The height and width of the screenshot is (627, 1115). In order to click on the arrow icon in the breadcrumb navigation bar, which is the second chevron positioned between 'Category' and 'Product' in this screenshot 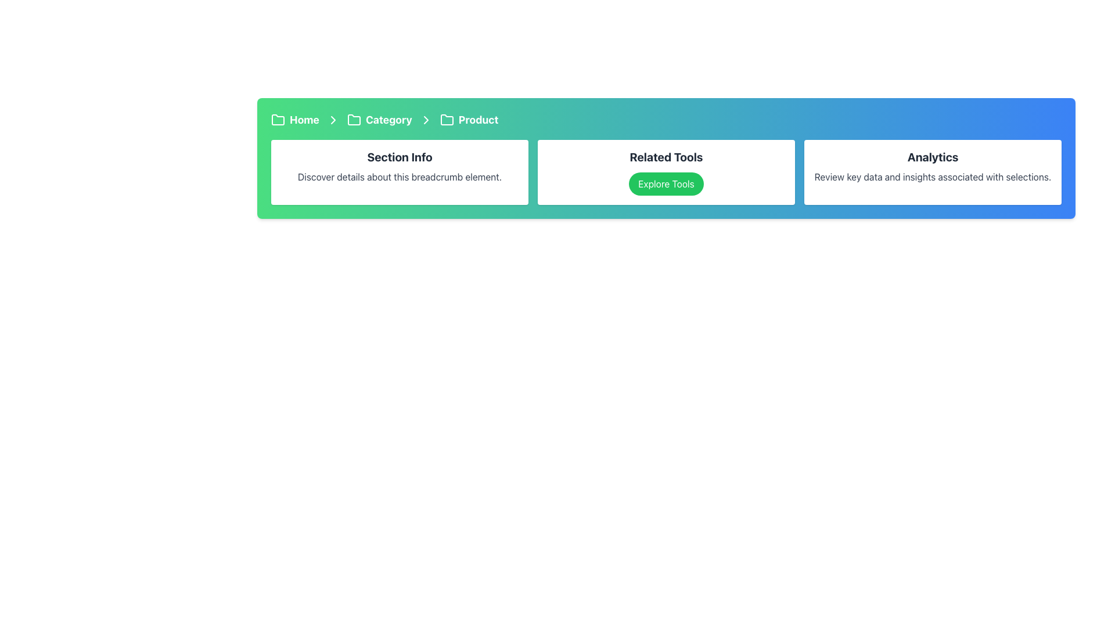, I will do `click(332, 120)`.